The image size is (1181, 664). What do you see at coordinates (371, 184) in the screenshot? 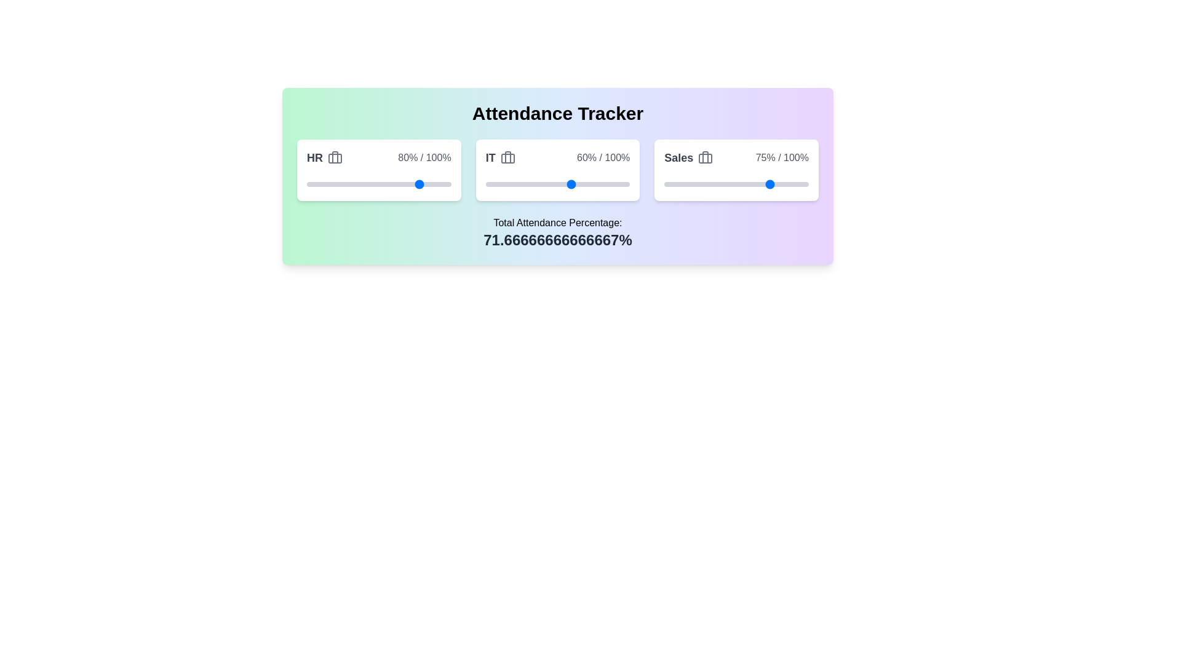
I see `HR attendance percentage` at bounding box center [371, 184].